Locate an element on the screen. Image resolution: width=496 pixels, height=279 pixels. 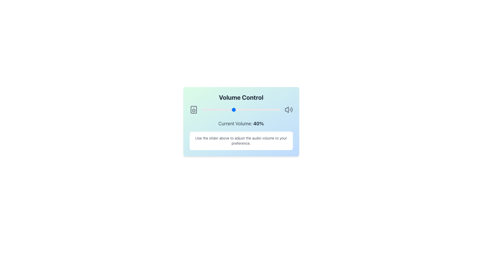
the speaker icon with sound wave notches to mute or unmute the volume in the 'Volume Control' modal window is located at coordinates (288, 109).